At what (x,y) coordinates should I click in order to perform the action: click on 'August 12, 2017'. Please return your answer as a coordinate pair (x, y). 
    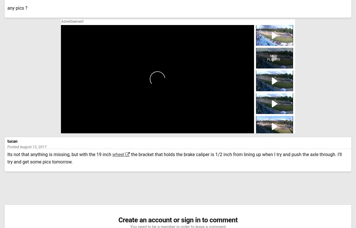
    Looking at the image, I should click on (32, 146).